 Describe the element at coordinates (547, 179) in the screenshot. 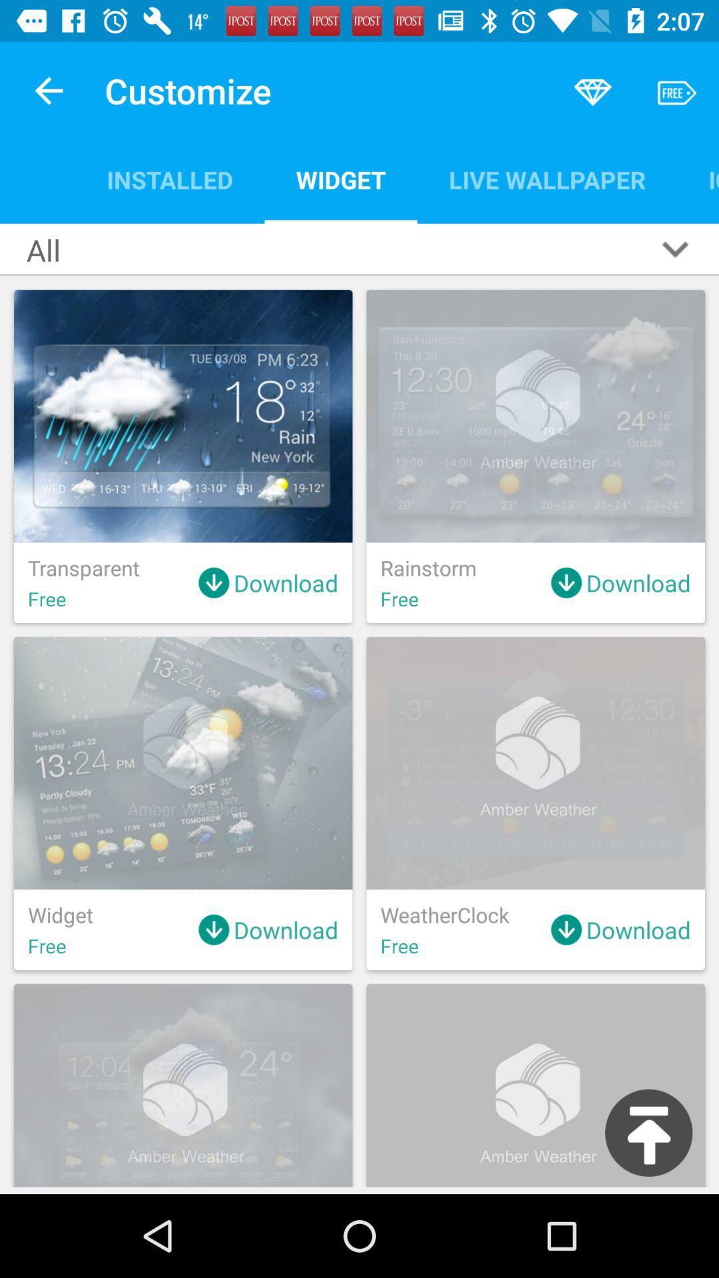

I see `the icon next to icon set icon` at that location.